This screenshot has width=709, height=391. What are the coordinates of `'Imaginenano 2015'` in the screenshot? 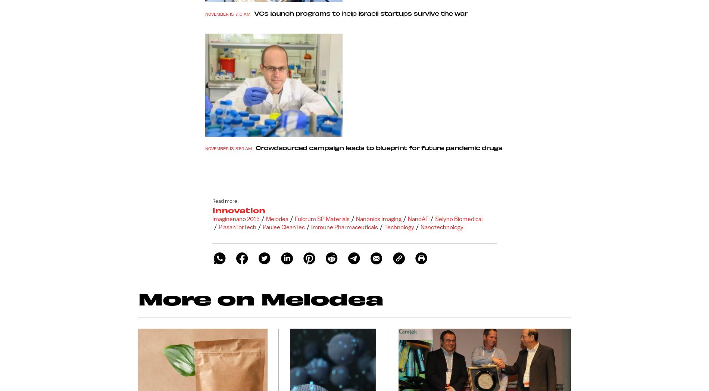 It's located at (236, 219).